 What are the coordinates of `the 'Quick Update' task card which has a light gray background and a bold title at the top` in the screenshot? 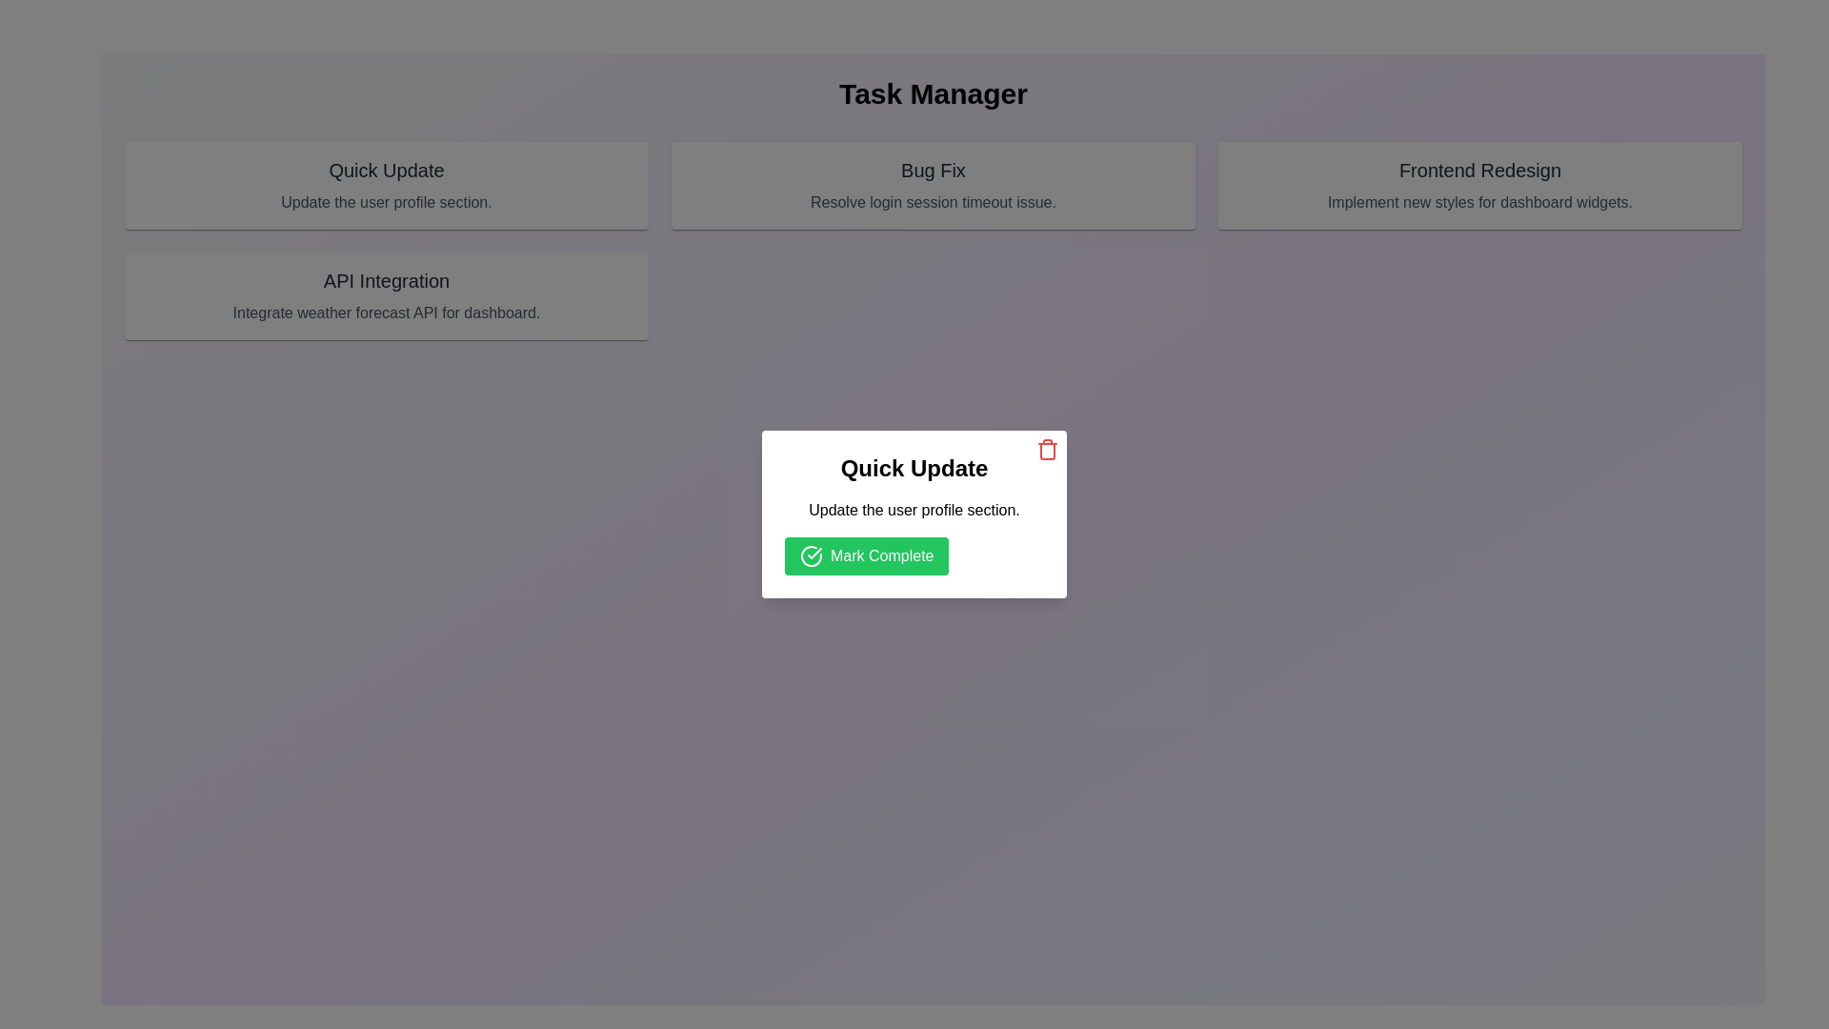 It's located at (386, 186).